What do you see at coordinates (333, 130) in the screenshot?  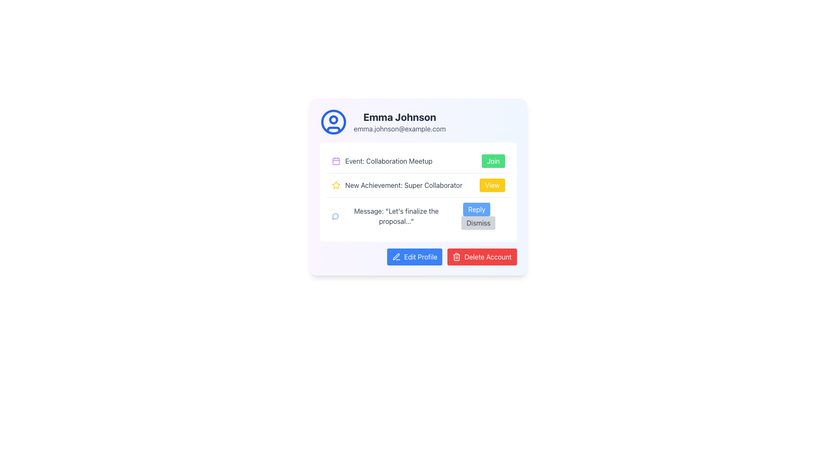 I see `the decorative lower segment of the user profile avatar located in the upper-left corner of the card layout, which is nested within the circular image representation of the user` at bounding box center [333, 130].